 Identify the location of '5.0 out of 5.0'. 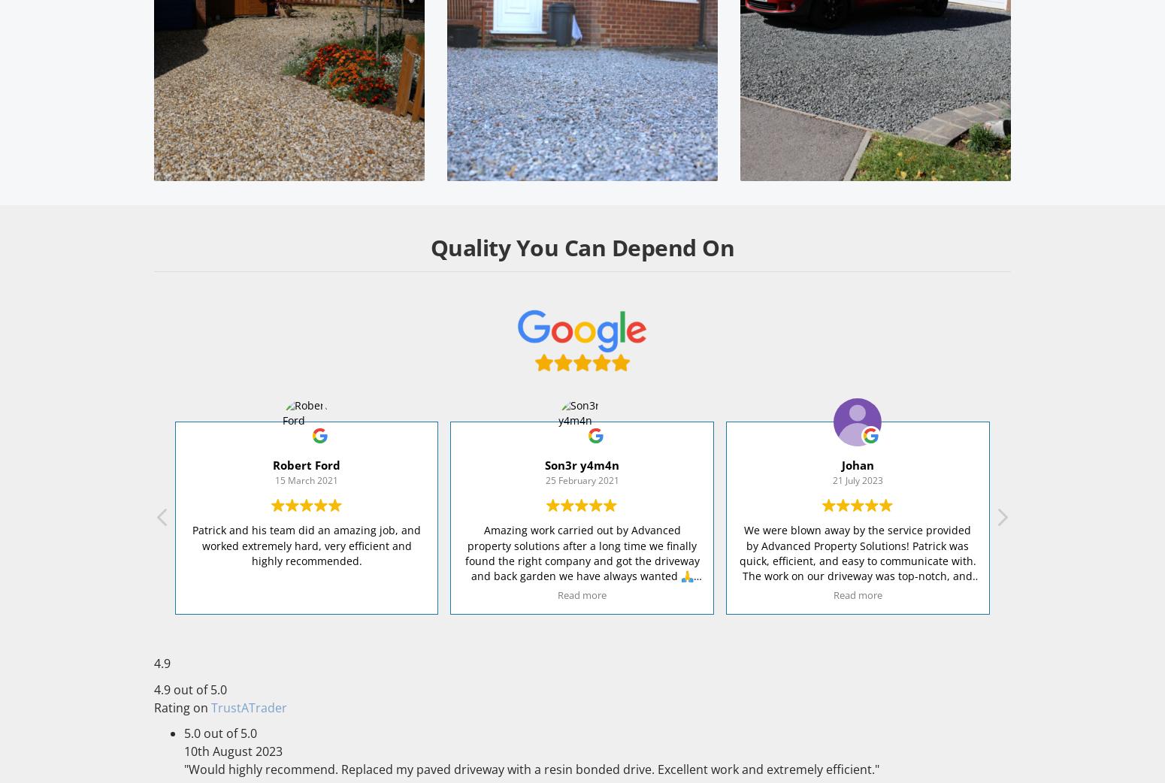
(220, 733).